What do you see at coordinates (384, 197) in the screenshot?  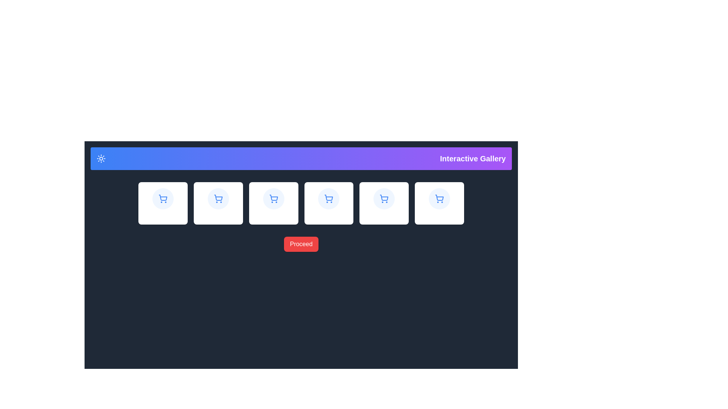 I see `the shopping cart icon, which is a minimalistic line drawing located in the fourth position of a horizontally aligned list of similar icons` at bounding box center [384, 197].